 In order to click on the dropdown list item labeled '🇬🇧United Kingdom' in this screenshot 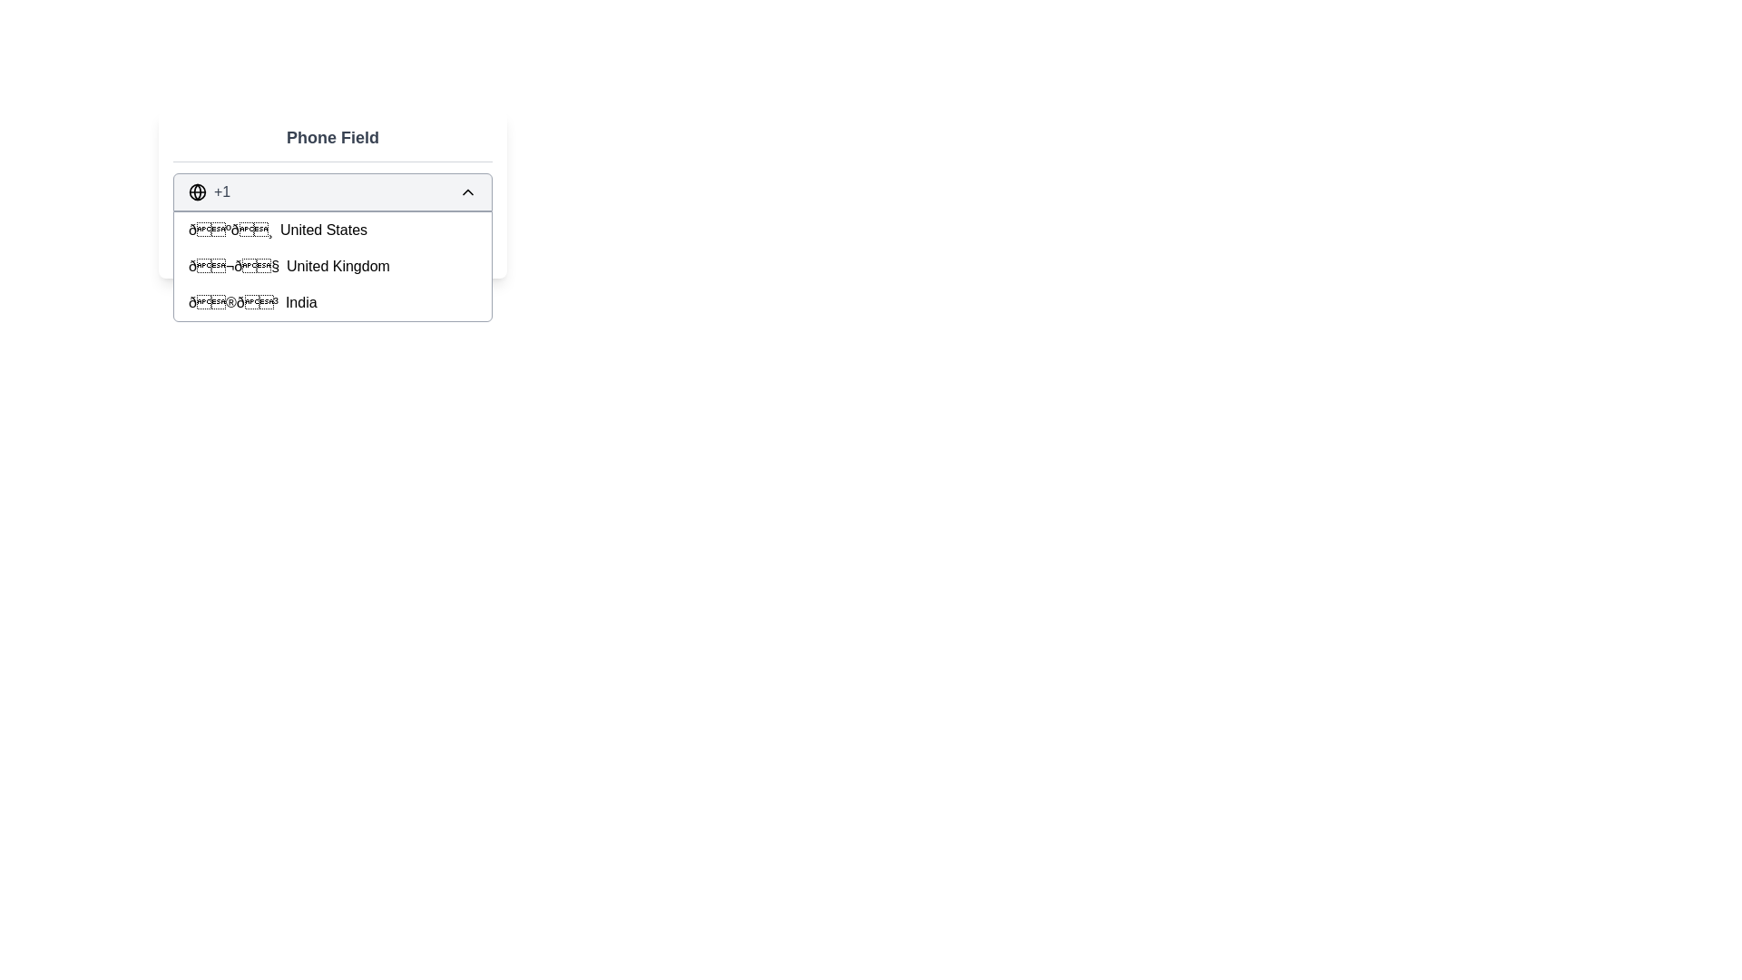, I will do `click(332, 266)`.